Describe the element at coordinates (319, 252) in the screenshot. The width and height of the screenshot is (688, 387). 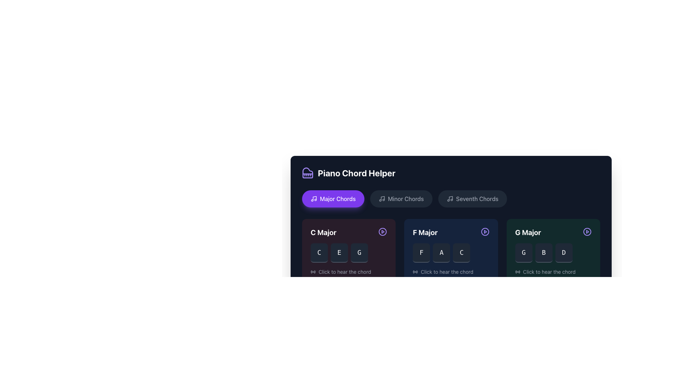
I see `the button representing the musical note 'C' in the 'C Major' chord section, the first button in a series of three labeled 'C', 'E', and 'G'` at that location.